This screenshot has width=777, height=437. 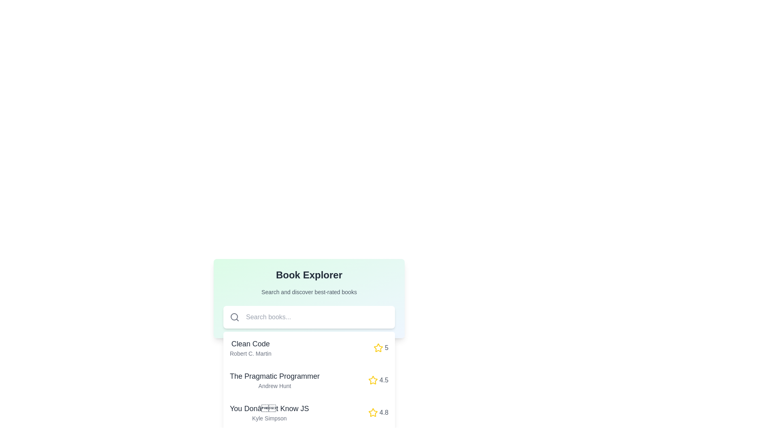 What do you see at coordinates (234, 316) in the screenshot?
I see `the Search icon located at the far left inside a white, rounded rectangle adjacent to the 'Search books...' text input field` at bounding box center [234, 316].